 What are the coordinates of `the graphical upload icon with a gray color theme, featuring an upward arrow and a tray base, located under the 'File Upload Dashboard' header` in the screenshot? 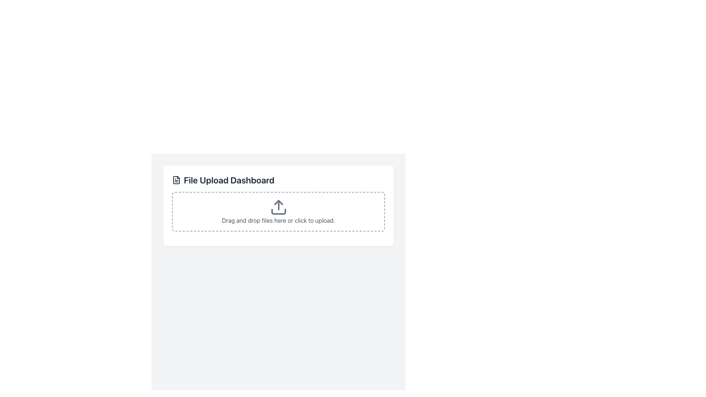 It's located at (278, 207).